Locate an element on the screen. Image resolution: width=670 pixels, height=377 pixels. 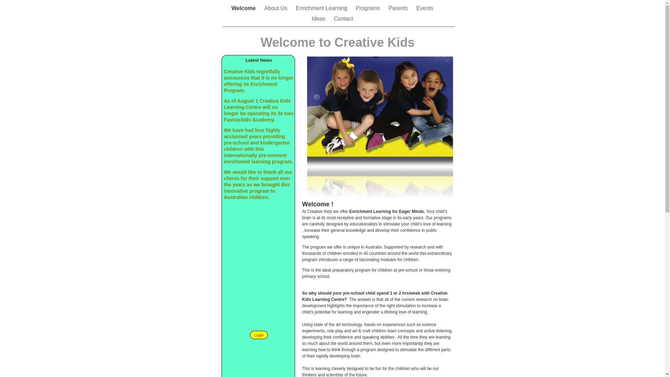
'About Us' is located at coordinates (276, 8).